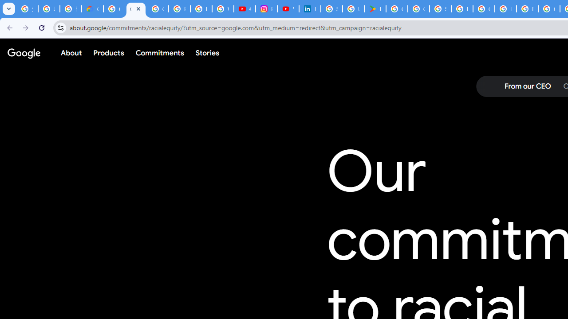  Describe the element at coordinates (201, 9) in the screenshot. I see `'Privacy Help Center - Policies Help'` at that location.